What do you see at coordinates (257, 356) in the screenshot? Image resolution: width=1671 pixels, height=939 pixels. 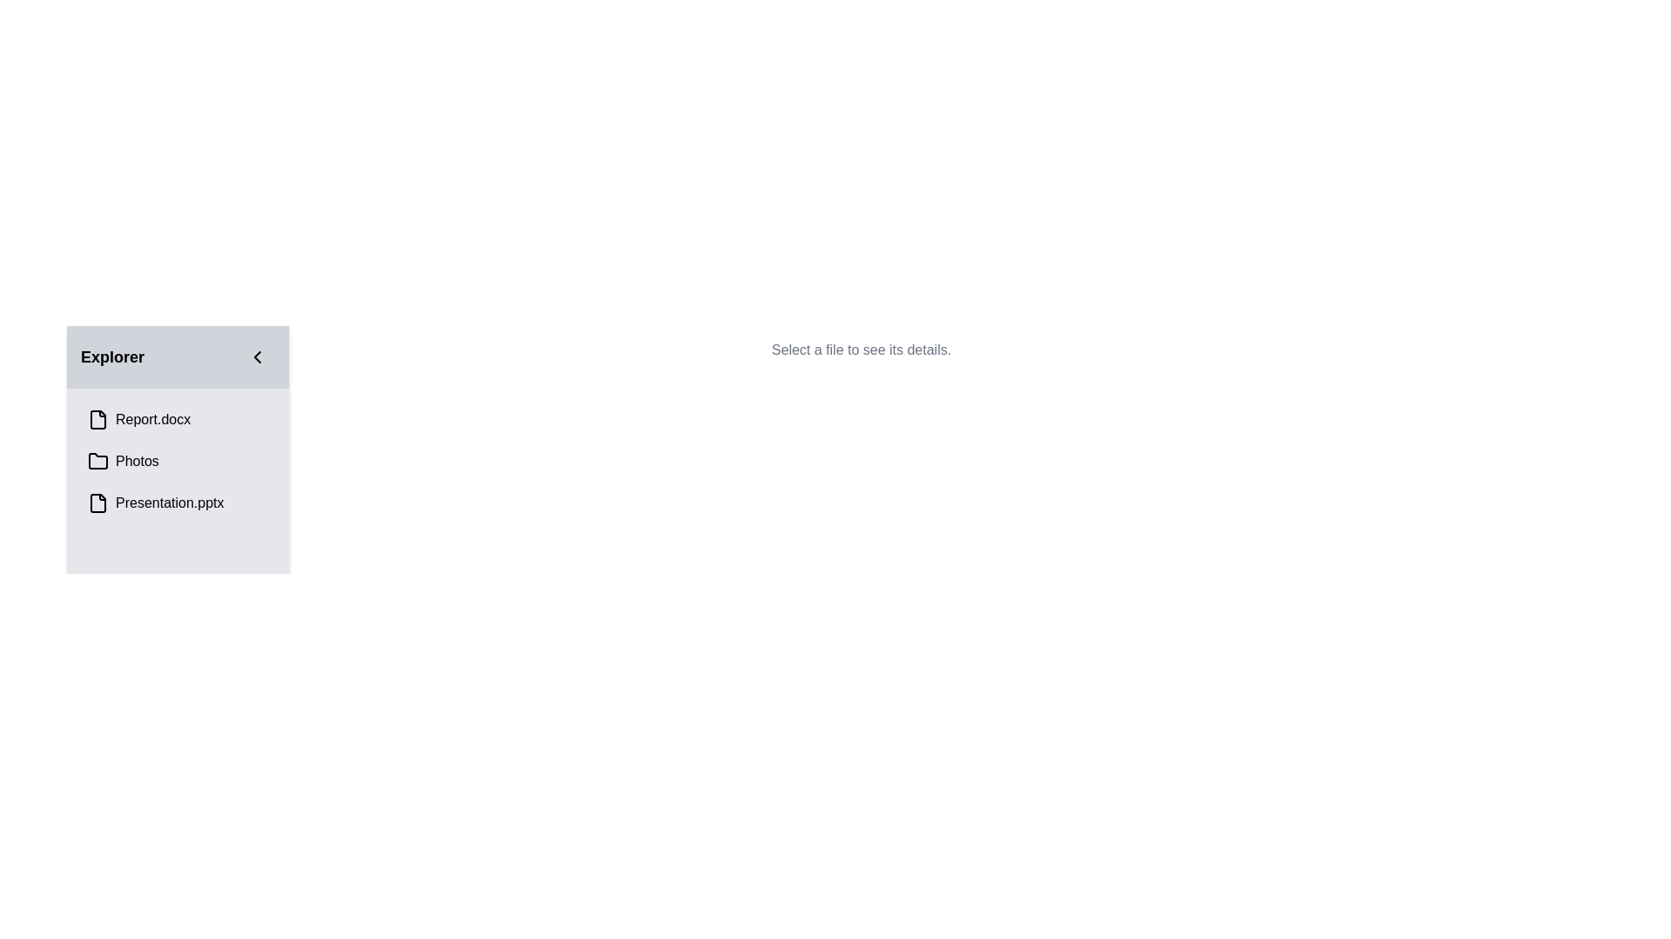 I see `the Chevron icon in the button at the top-right corner of the 'Explorer' panel` at bounding box center [257, 356].